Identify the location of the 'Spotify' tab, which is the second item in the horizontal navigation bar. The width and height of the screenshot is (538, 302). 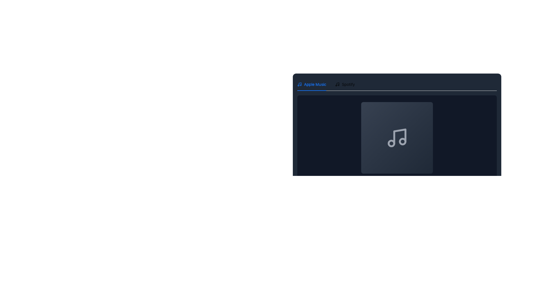
(345, 84).